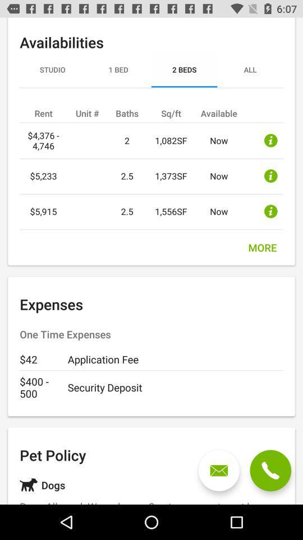 This screenshot has height=540, width=303. Describe the element at coordinates (270, 470) in the screenshot. I see `the call icon` at that location.